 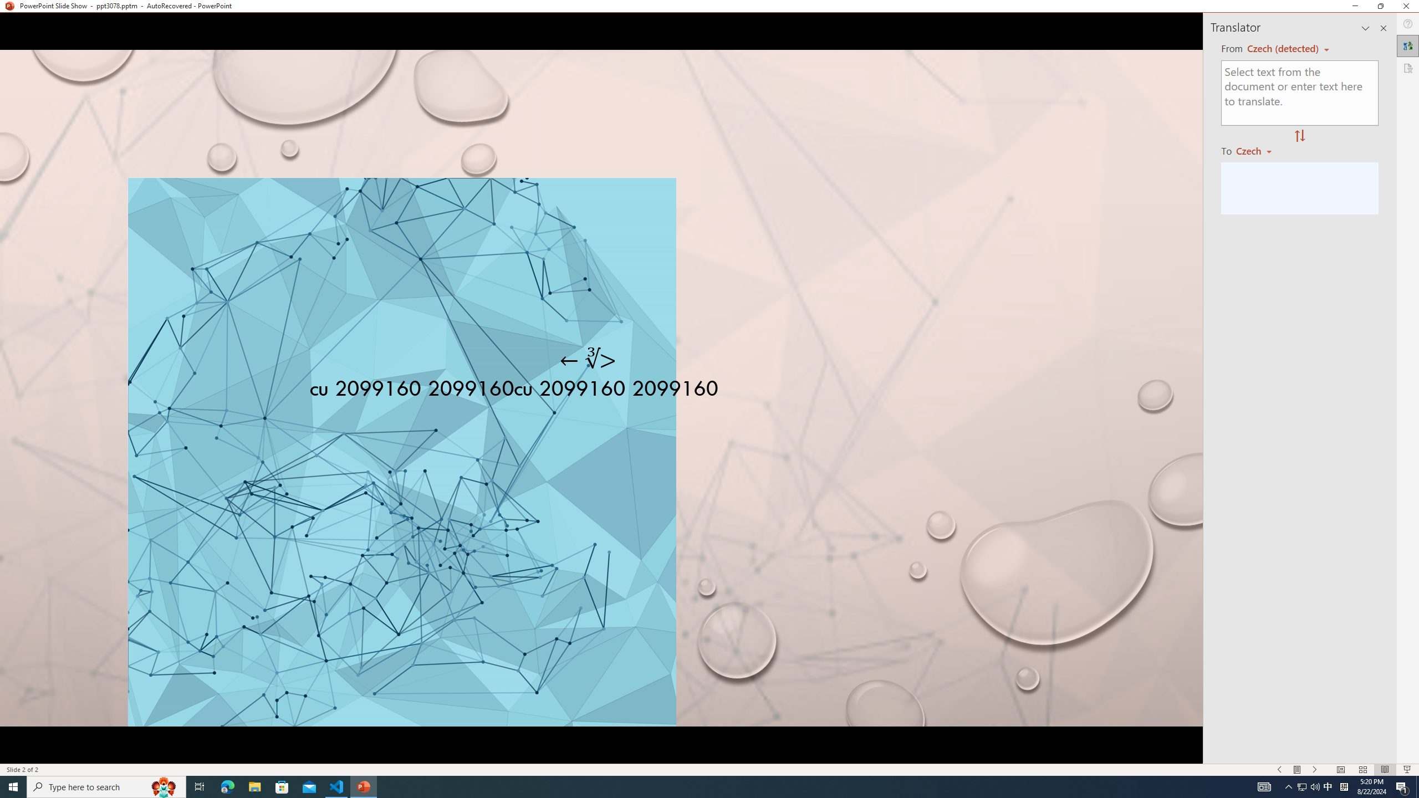 I want to click on 'Swap "from" and "to" languages.', so click(x=1299, y=136).